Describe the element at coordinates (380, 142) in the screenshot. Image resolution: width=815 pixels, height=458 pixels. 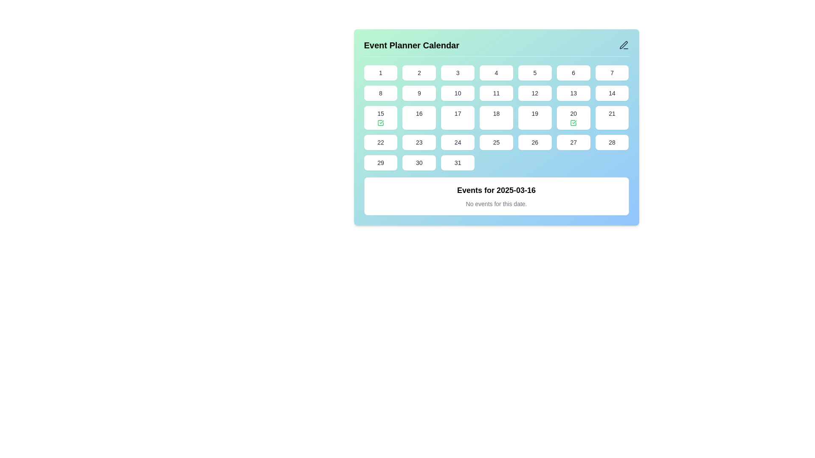
I see `the rectangular button labeled '22' in the calendar layout` at that location.